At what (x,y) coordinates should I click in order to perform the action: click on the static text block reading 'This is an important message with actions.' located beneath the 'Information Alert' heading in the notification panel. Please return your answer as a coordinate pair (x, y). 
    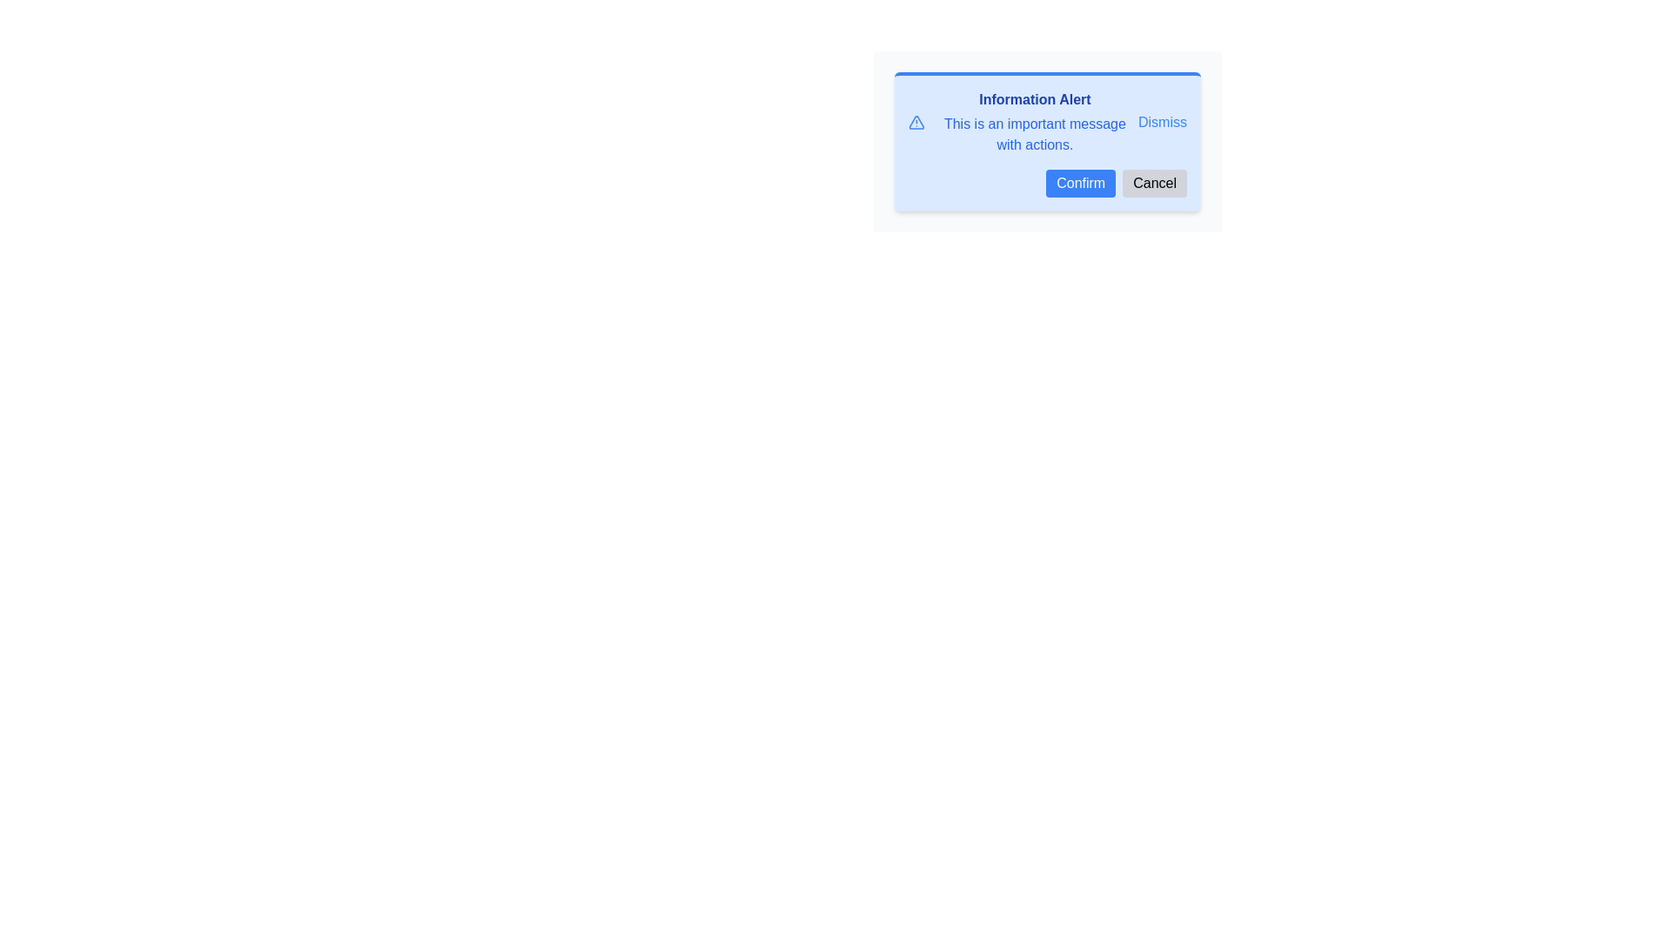
    Looking at the image, I should click on (1035, 133).